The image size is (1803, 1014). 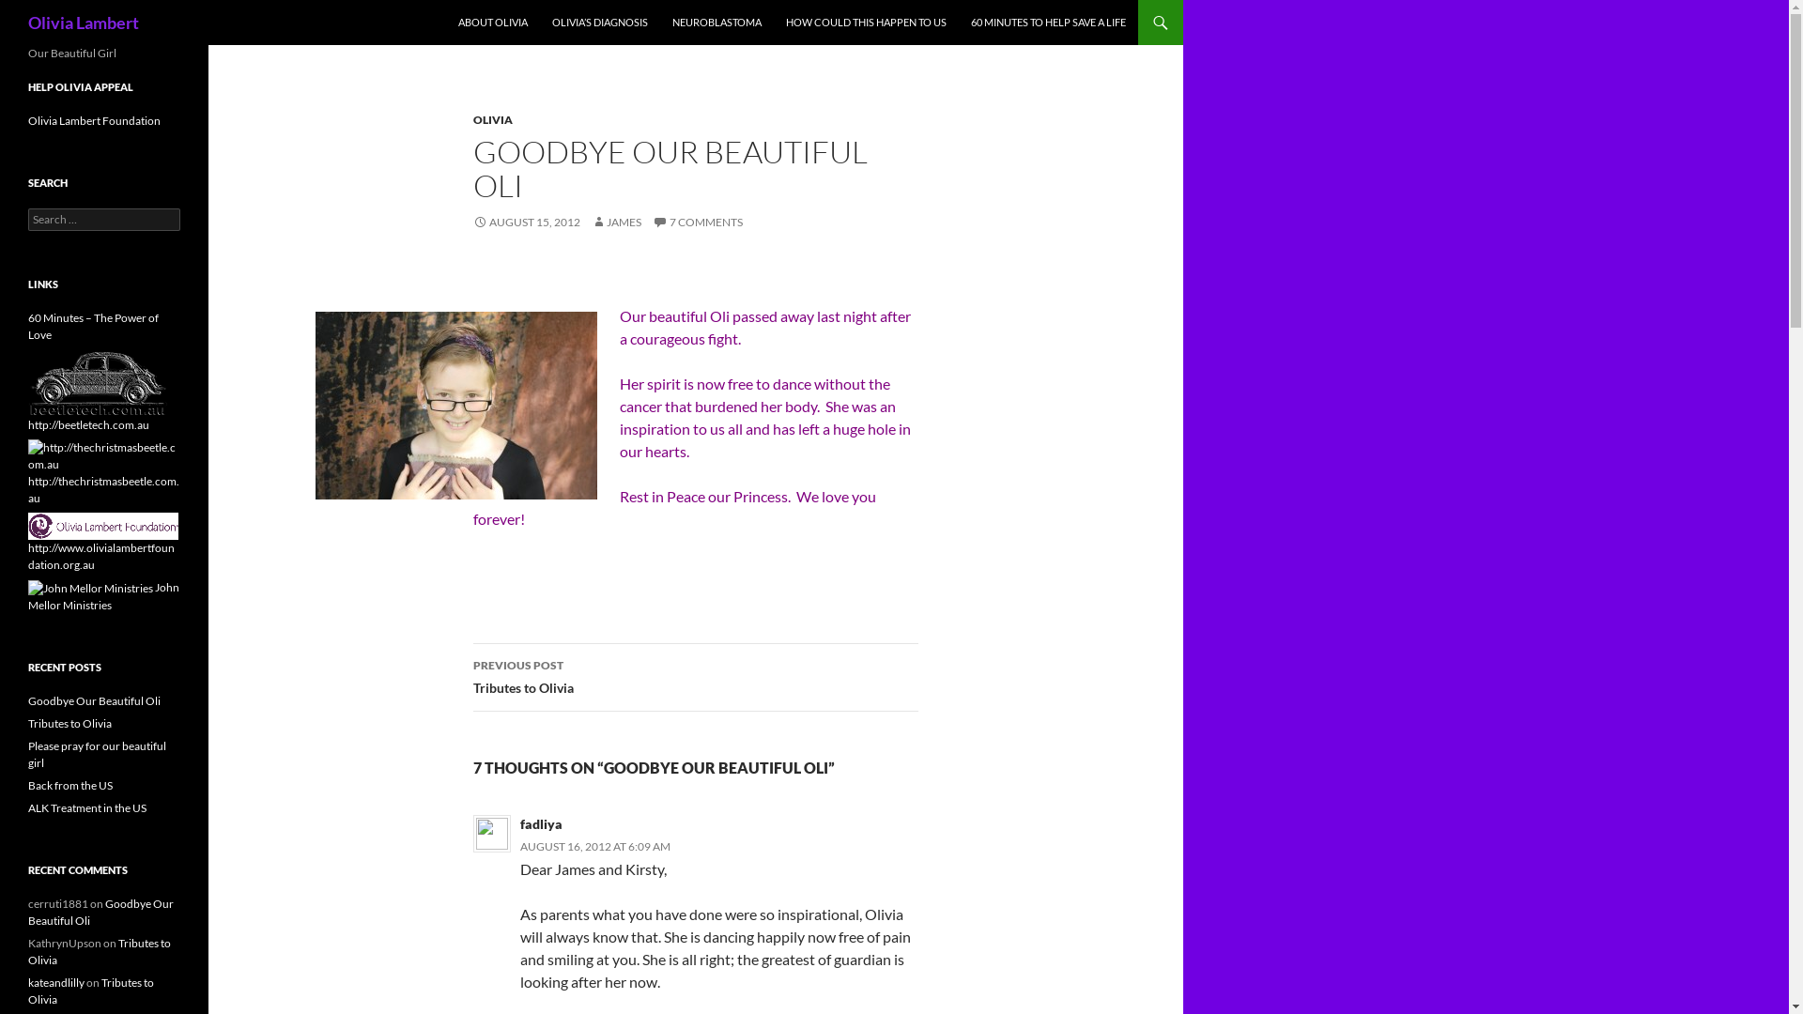 I want to click on 'ABOUT OLIVIA', so click(x=445, y=22).